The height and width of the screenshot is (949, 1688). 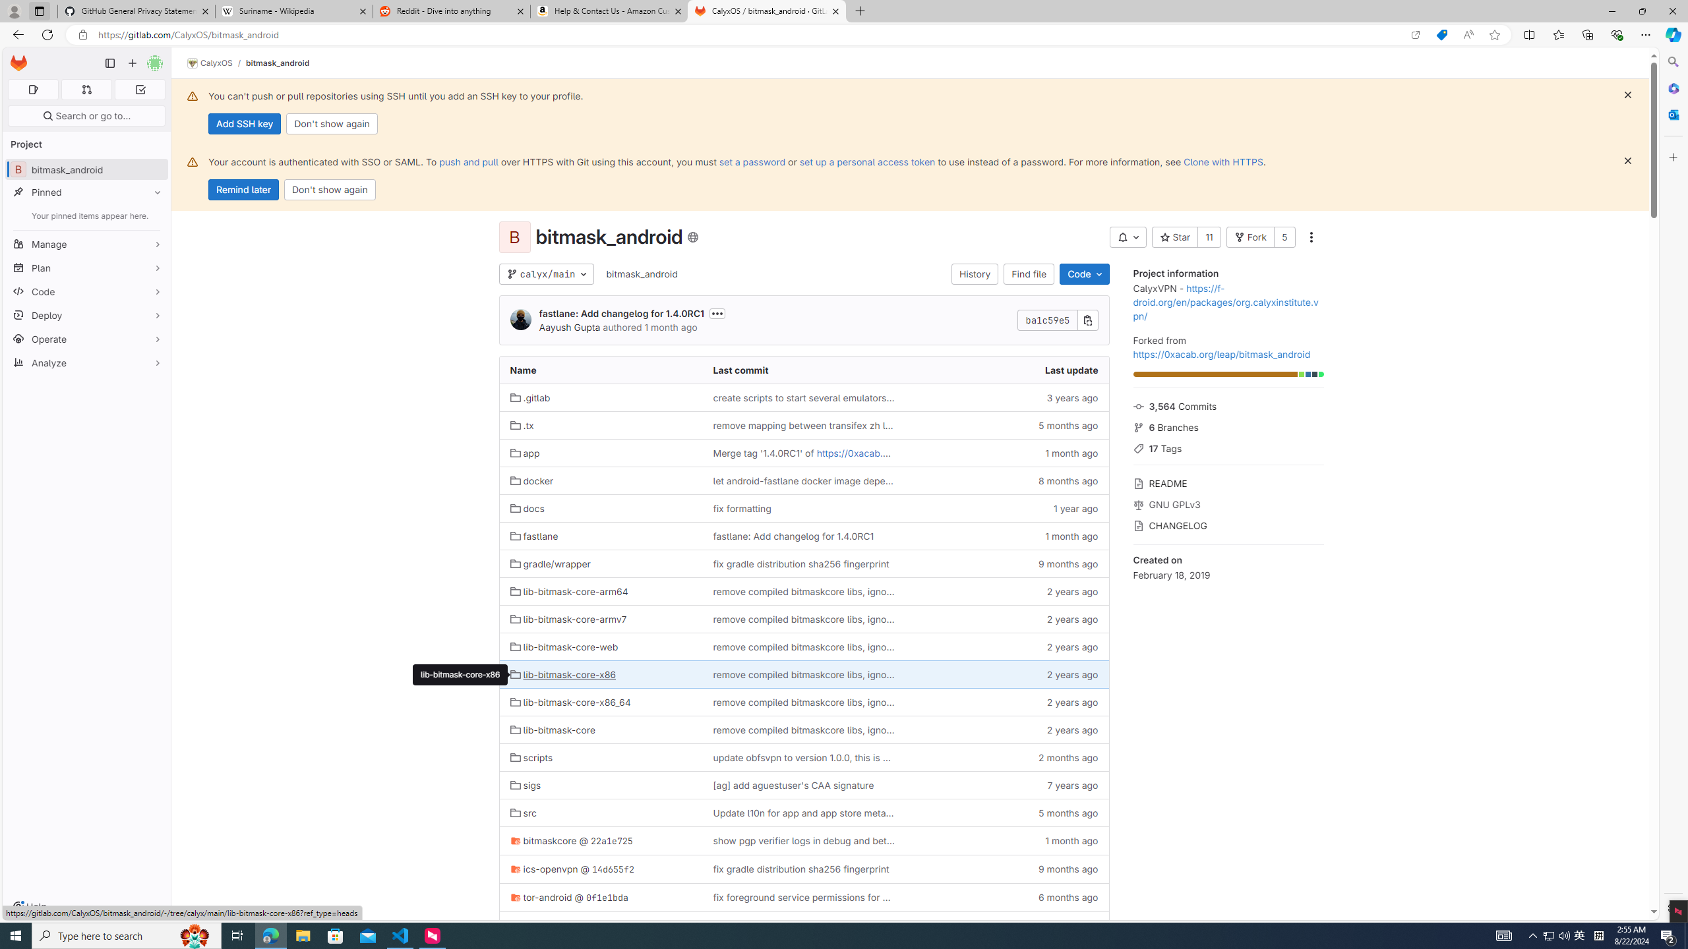 What do you see at coordinates (1228, 523) in the screenshot?
I see `'CHANGELOG'` at bounding box center [1228, 523].